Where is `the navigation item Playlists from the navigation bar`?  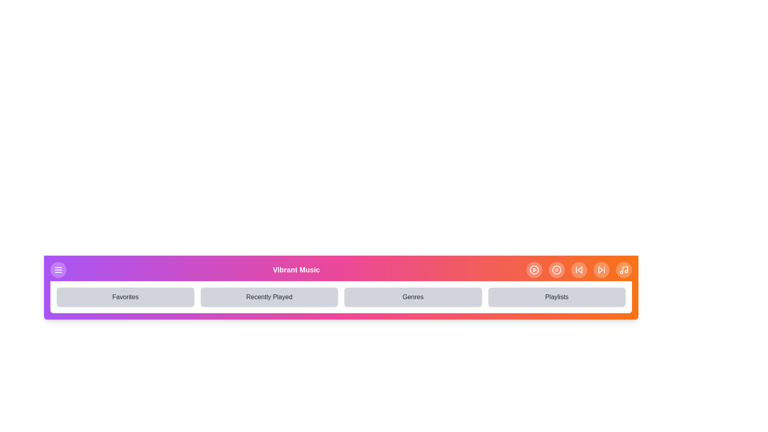 the navigation item Playlists from the navigation bar is located at coordinates (556, 297).